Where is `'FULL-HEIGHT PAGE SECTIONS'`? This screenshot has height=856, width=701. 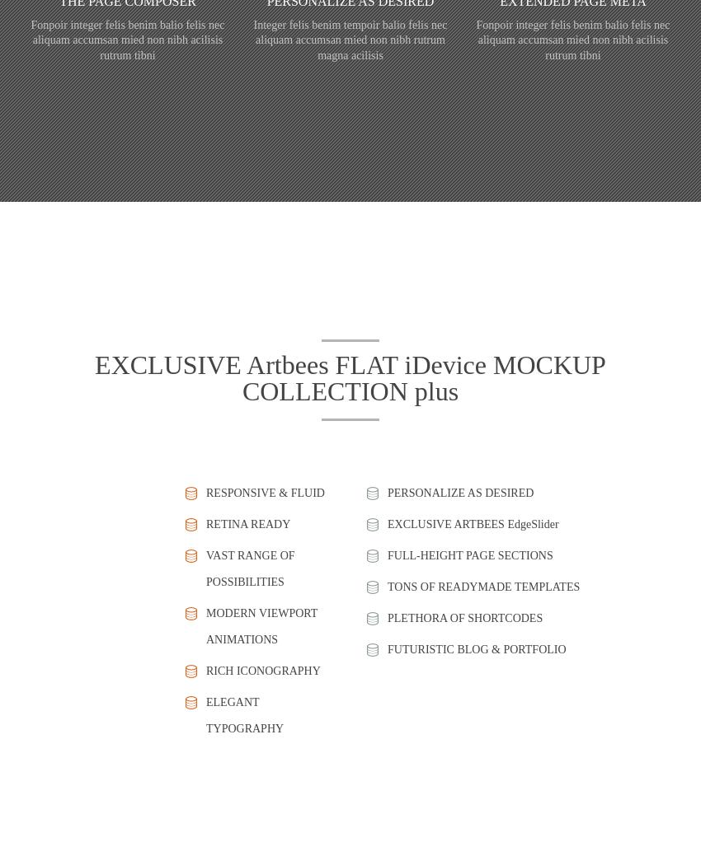 'FULL-HEIGHT PAGE SECTIONS' is located at coordinates (470, 554).